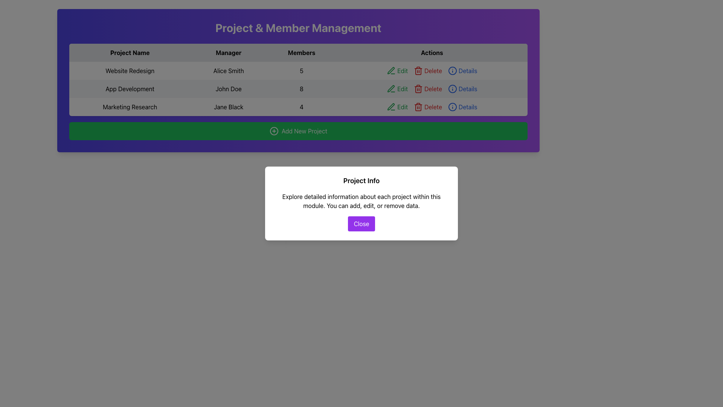 This screenshot has height=407, width=723. I want to click on the Text header at the top center of the modal dialog box that provides an overview of the content, so click(361, 181).